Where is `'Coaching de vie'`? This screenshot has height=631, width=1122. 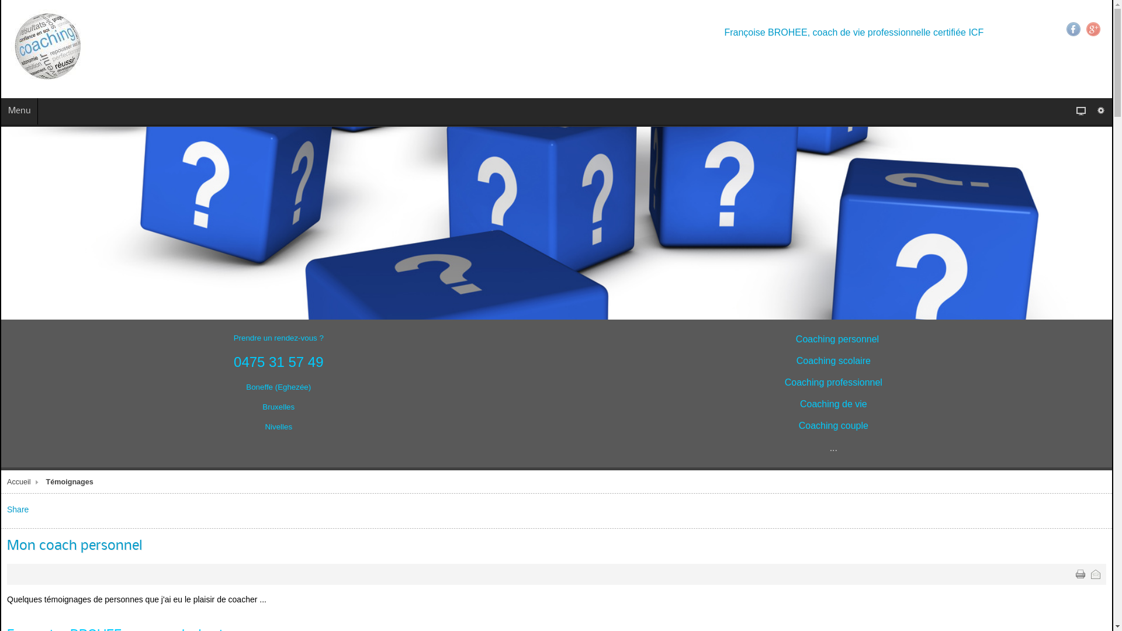 'Coaching de vie' is located at coordinates (833, 403).